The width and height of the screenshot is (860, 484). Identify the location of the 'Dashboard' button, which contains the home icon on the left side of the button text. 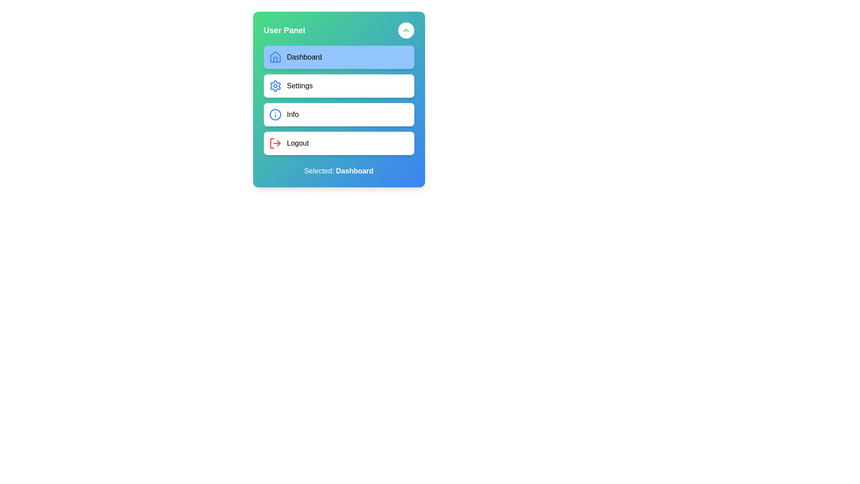
(275, 57).